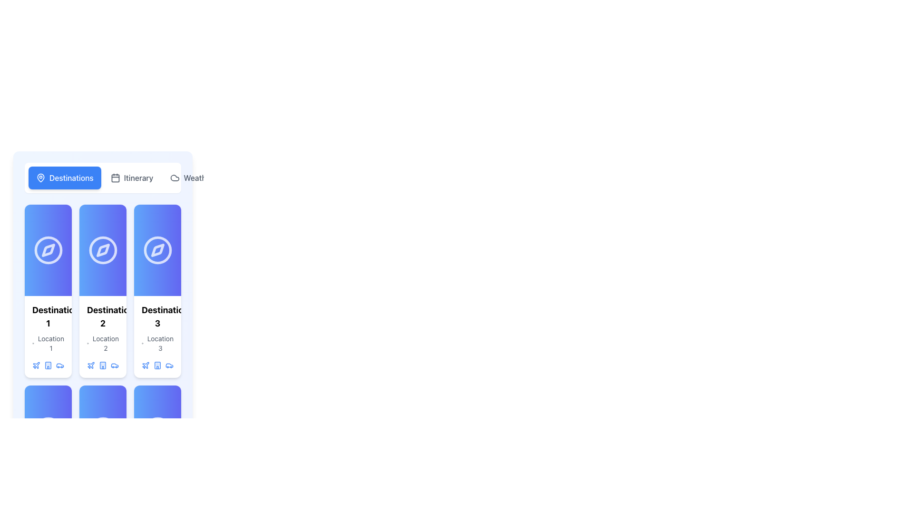 The width and height of the screenshot is (913, 514). Describe the element at coordinates (160, 343) in the screenshot. I see `the static text label that provides additional context about the main title 'Destination 3', located within the third card of a horizontally arranged group` at that location.